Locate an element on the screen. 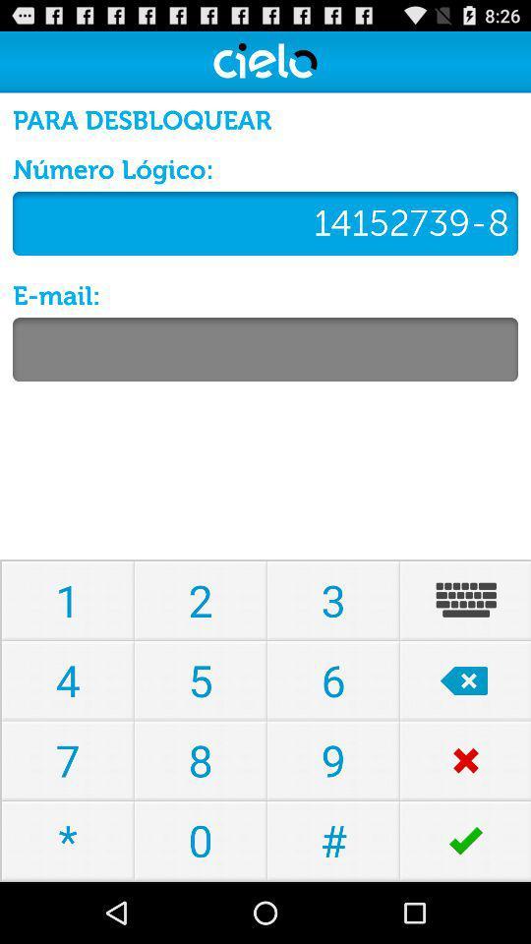 The image size is (531, 944). to type mail bar is located at coordinates (265, 349).